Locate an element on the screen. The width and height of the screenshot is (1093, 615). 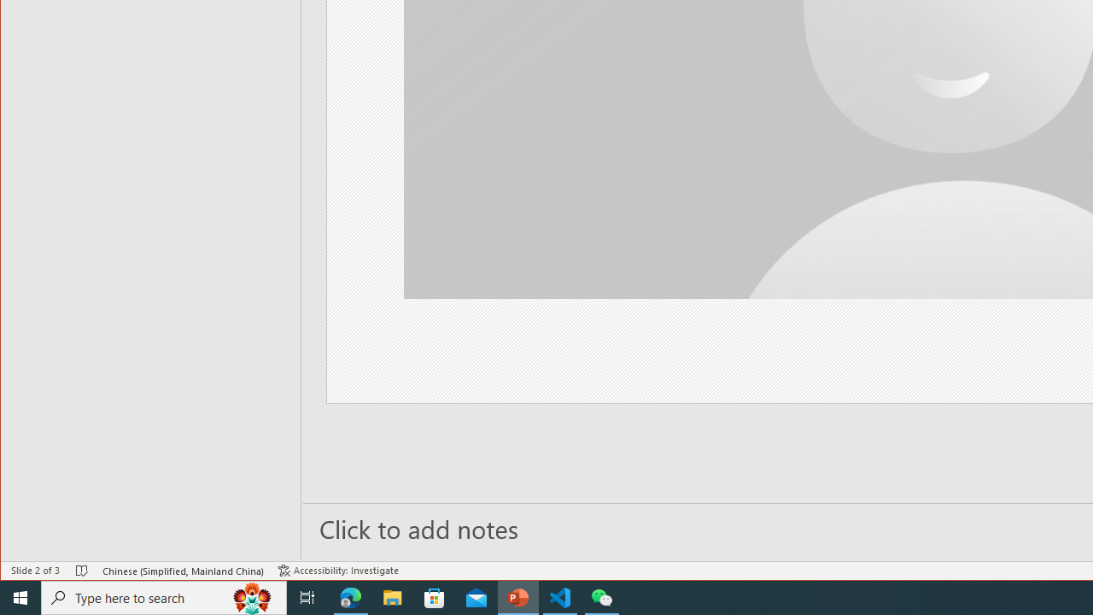
'WeChat - 1 running window' is located at coordinates (602, 596).